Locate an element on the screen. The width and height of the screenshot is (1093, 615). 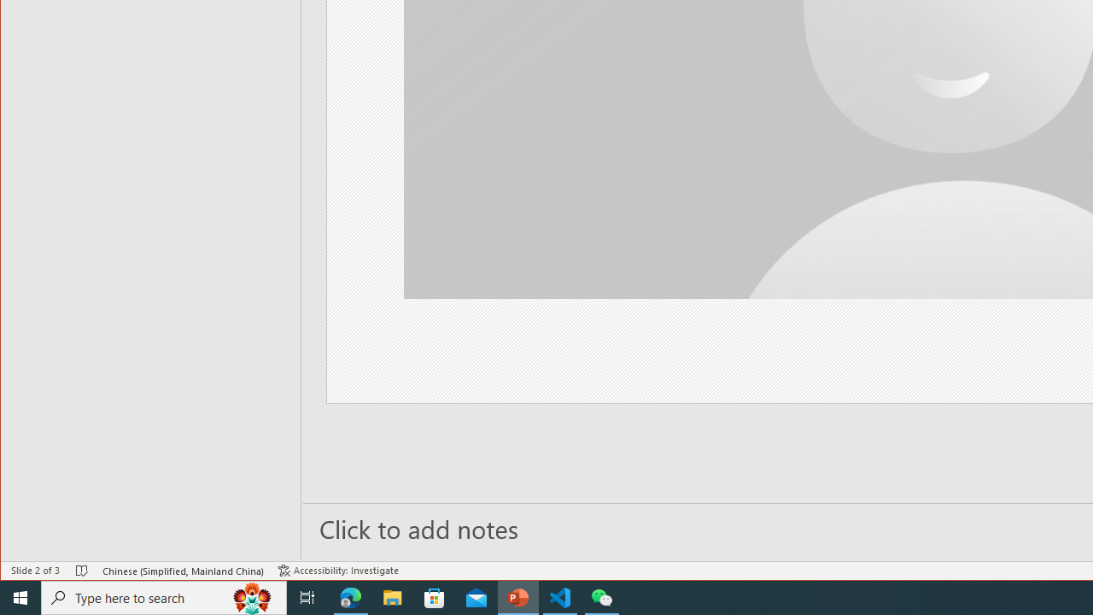
'WeChat - 1 running window' is located at coordinates (602, 596).